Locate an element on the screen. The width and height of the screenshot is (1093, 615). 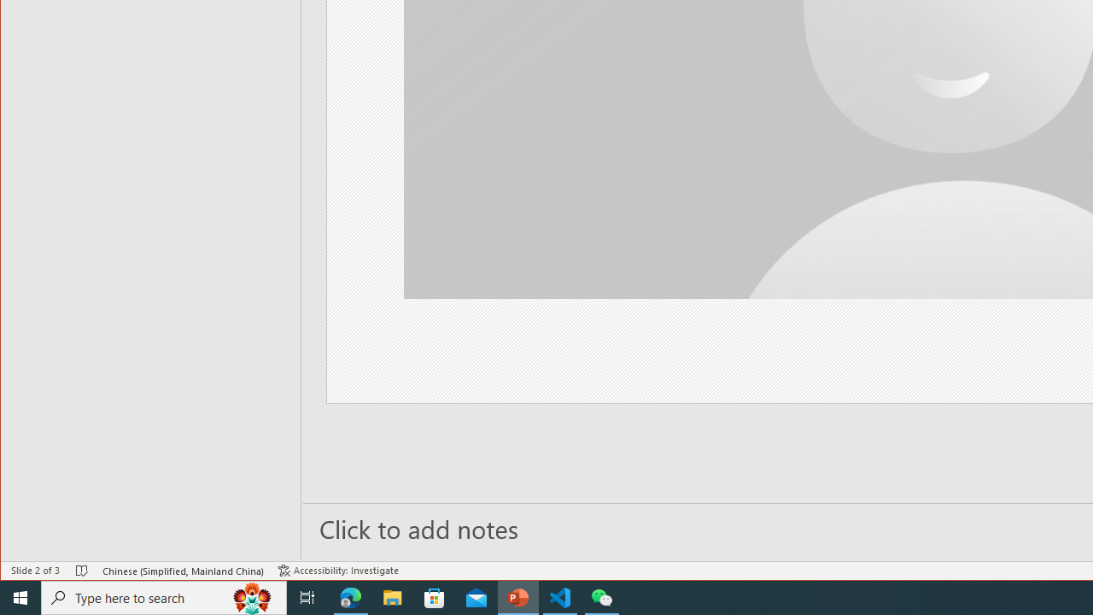
'WeChat - 1 running window' is located at coordinates (602, 596).